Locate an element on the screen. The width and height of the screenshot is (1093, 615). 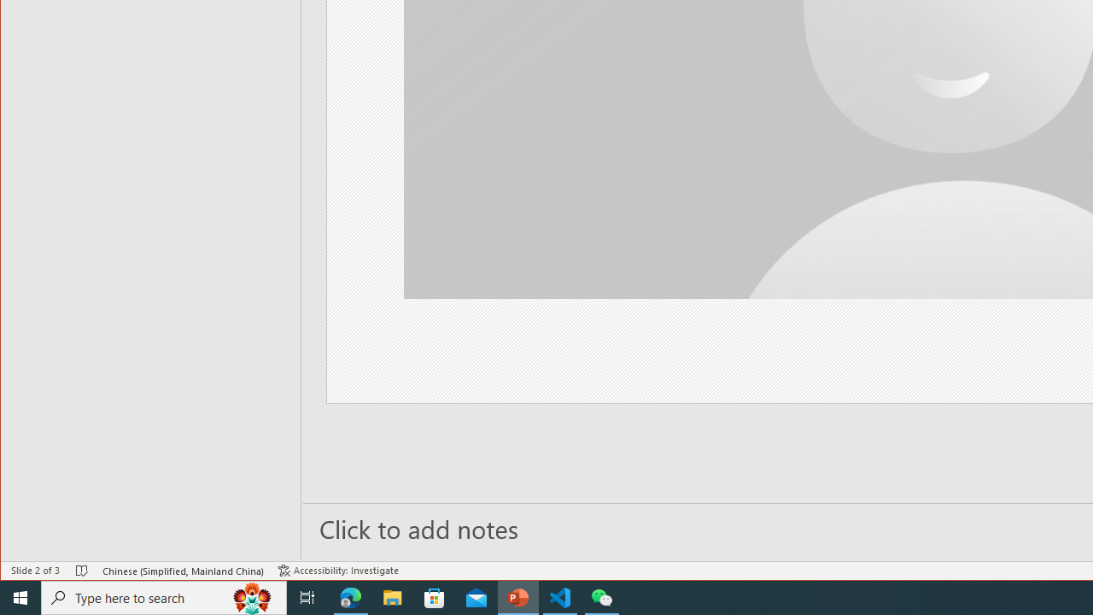
'WeChat - 1 running window' is located at coordinates (602, 596).